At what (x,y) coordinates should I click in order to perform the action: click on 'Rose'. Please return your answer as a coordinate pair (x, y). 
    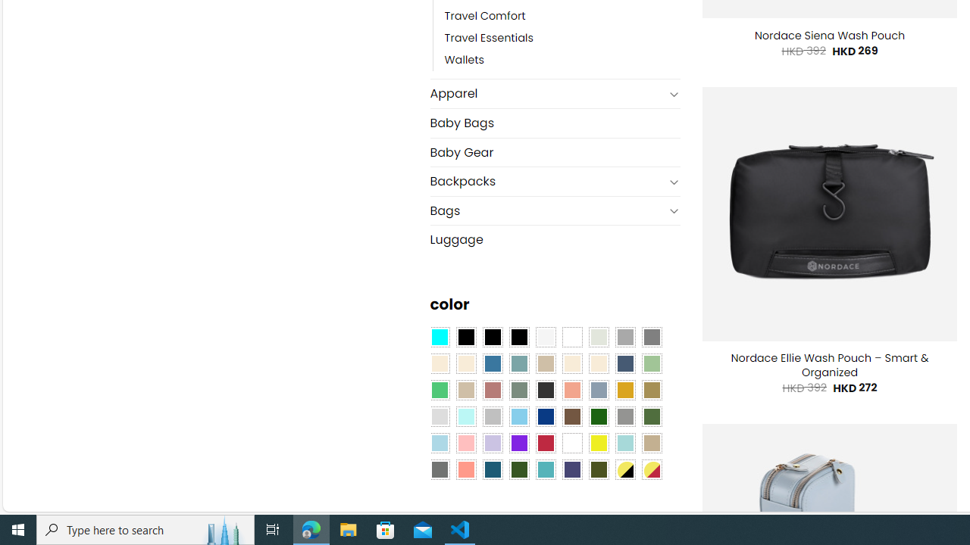
    Looking at the image, I should click on (493, 388).